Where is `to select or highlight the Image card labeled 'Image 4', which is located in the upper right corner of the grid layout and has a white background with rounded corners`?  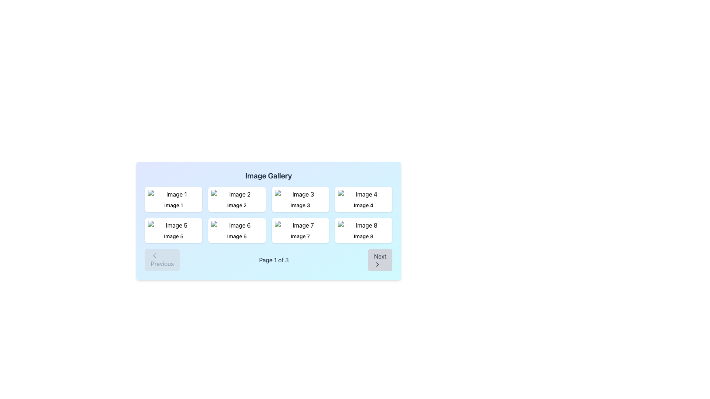 to select or highlight the Image card labeled 'Image 4', which is located in the upper right corner of the grid layout and has a white background with rounded corners is located at coordinates (364, 199).